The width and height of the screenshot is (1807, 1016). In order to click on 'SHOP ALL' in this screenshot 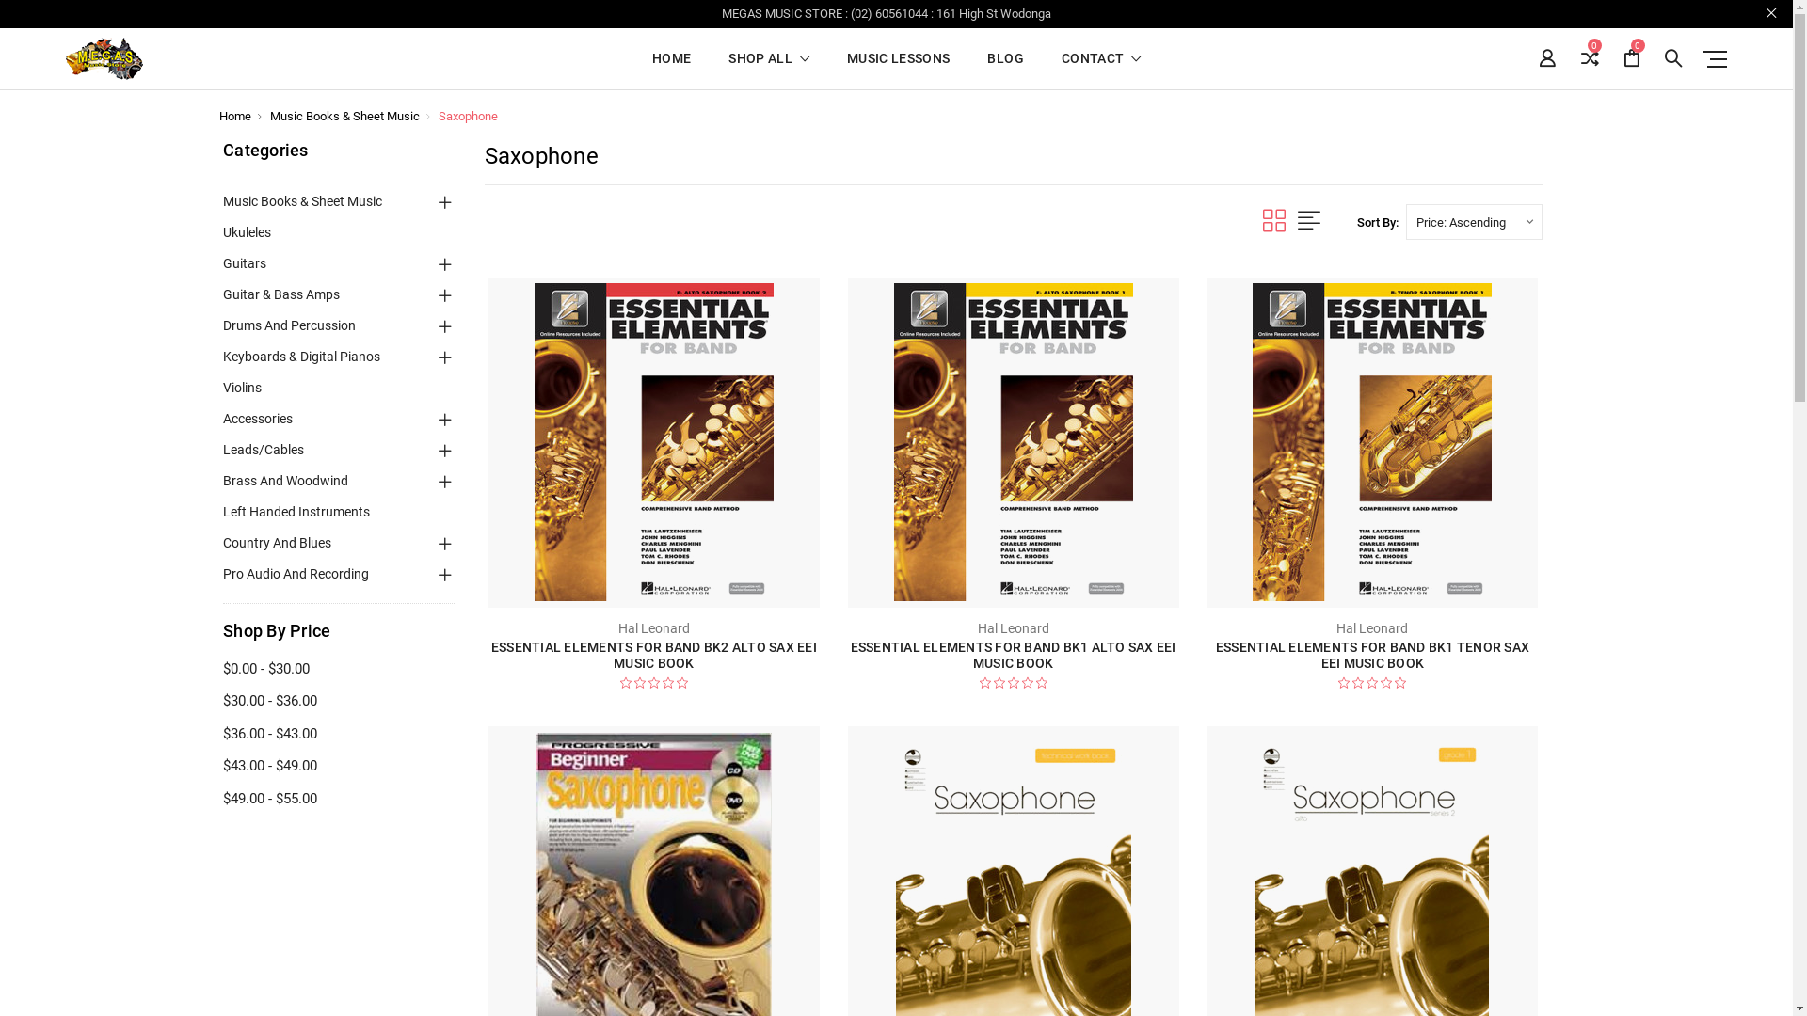, I will do `click(727, 69)`.